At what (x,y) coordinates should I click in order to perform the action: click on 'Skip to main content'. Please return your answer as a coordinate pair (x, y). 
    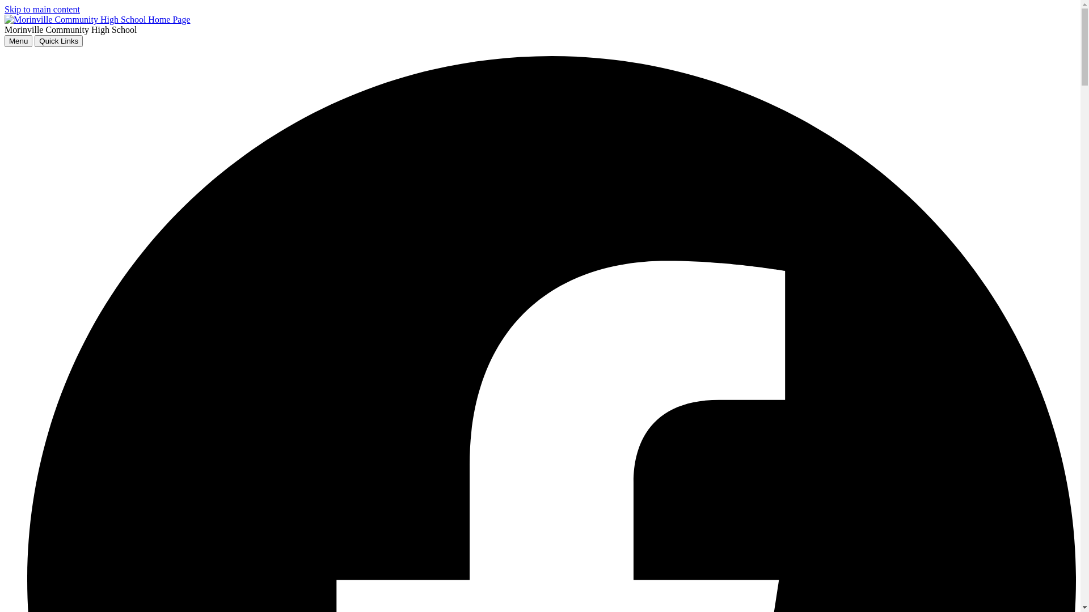
    Looking at the image, I should click on (5, 9).